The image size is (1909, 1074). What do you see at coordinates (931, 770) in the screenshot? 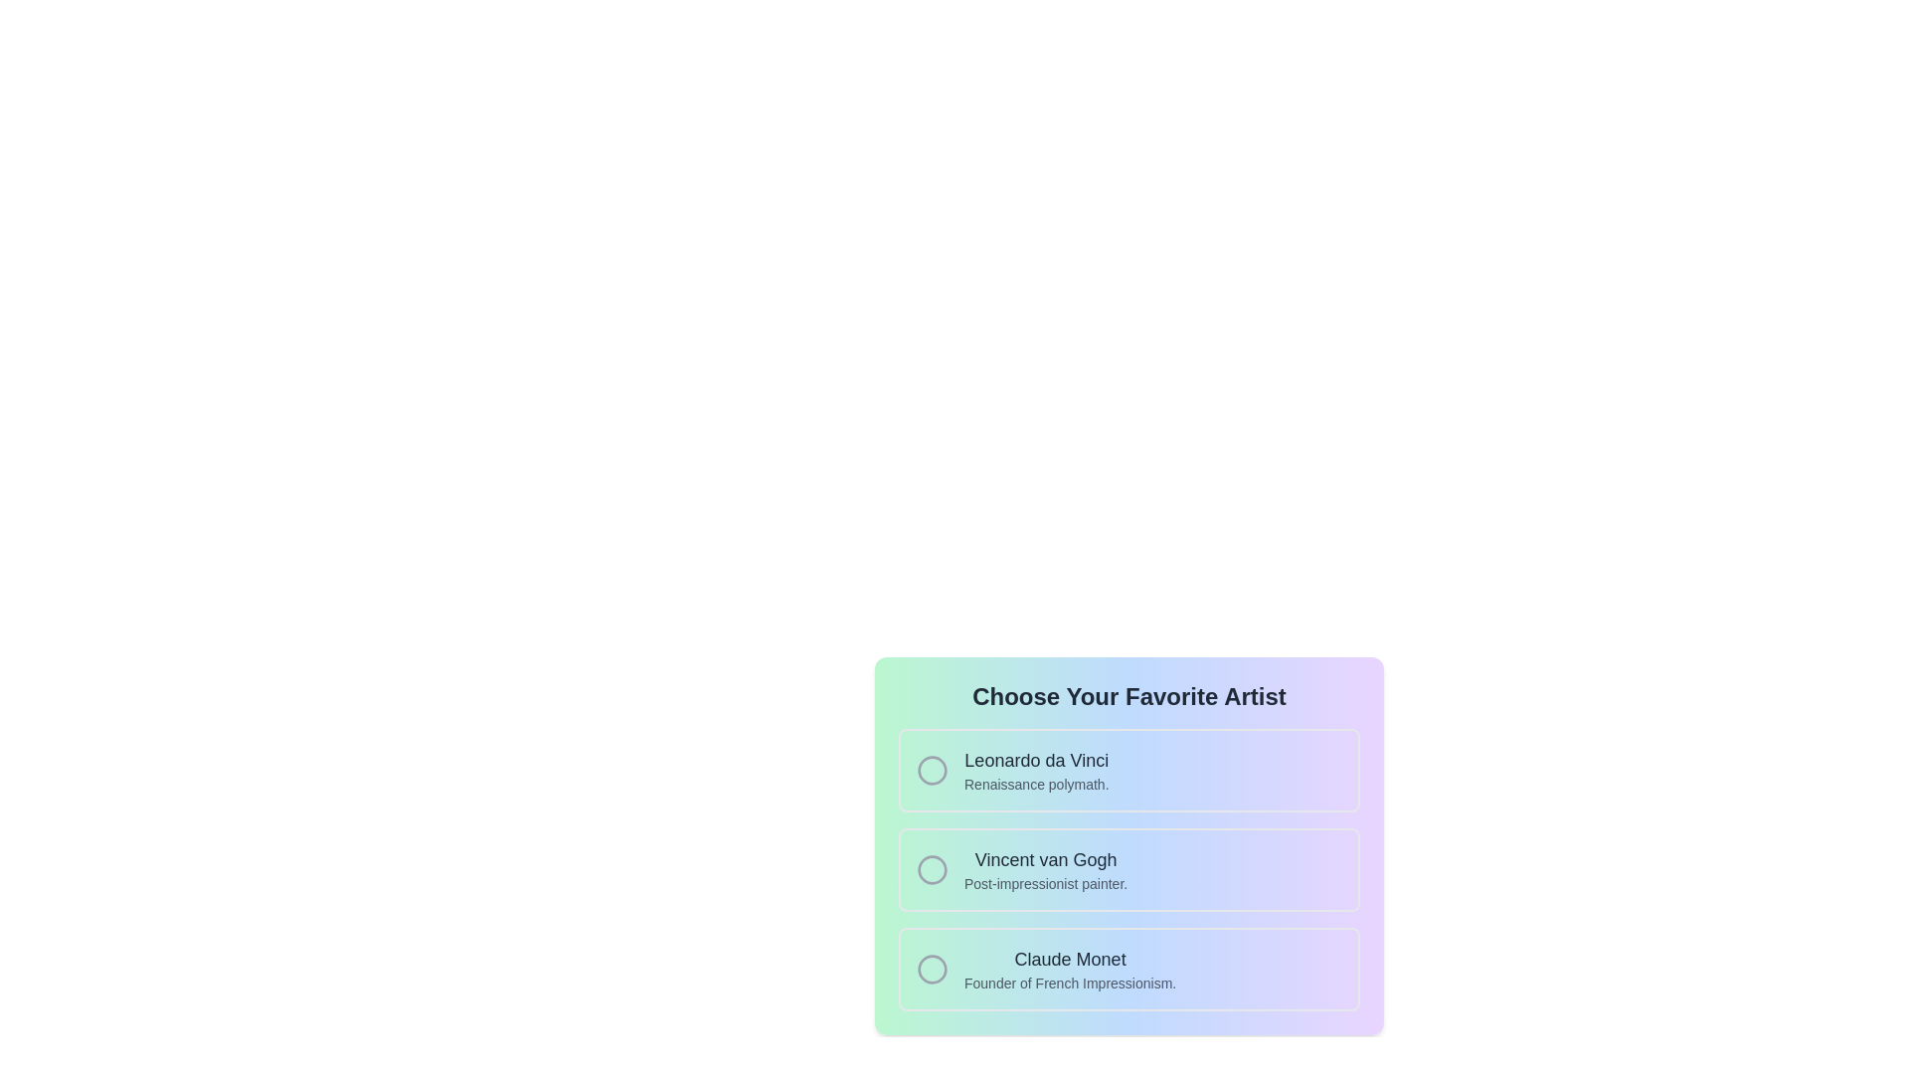
I see `the first selectable radio button in the group located to the left of 'Leonardo da Vinci'` at bounding box center [931, 770].